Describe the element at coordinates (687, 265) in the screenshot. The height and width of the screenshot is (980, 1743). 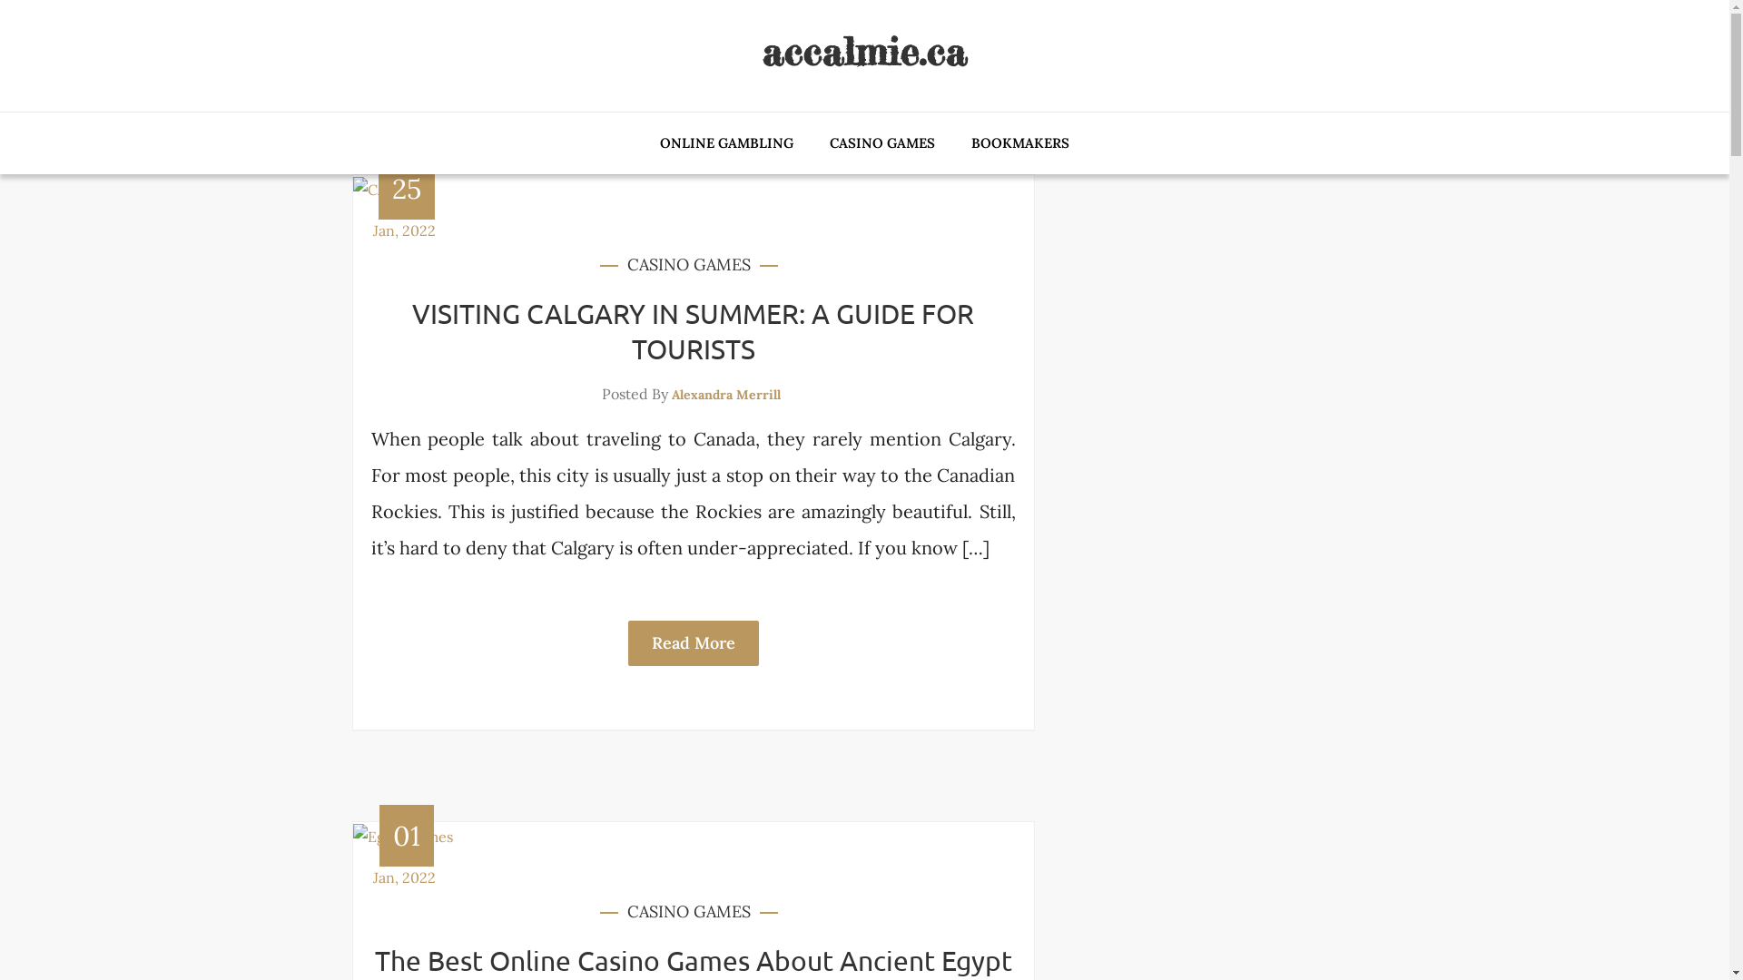
I see `'CASINO GAMES'` at that location.